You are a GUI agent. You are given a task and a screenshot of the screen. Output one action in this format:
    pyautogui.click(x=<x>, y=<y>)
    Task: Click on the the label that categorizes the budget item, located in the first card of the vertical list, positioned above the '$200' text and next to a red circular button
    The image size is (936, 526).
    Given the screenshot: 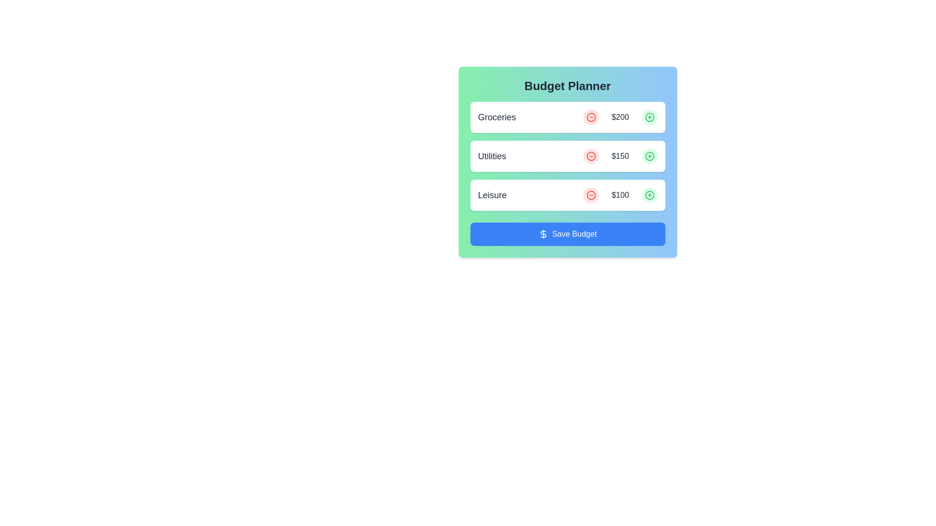 What is the action you would take?
    pyautogui.click(x=497, y=116)
    